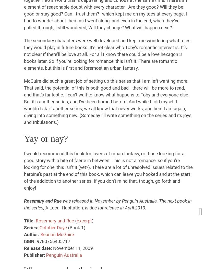 The image size is (217, 269). Describe the element at coordinates (75, 220) in the screenshot. I see `'('` at that location.